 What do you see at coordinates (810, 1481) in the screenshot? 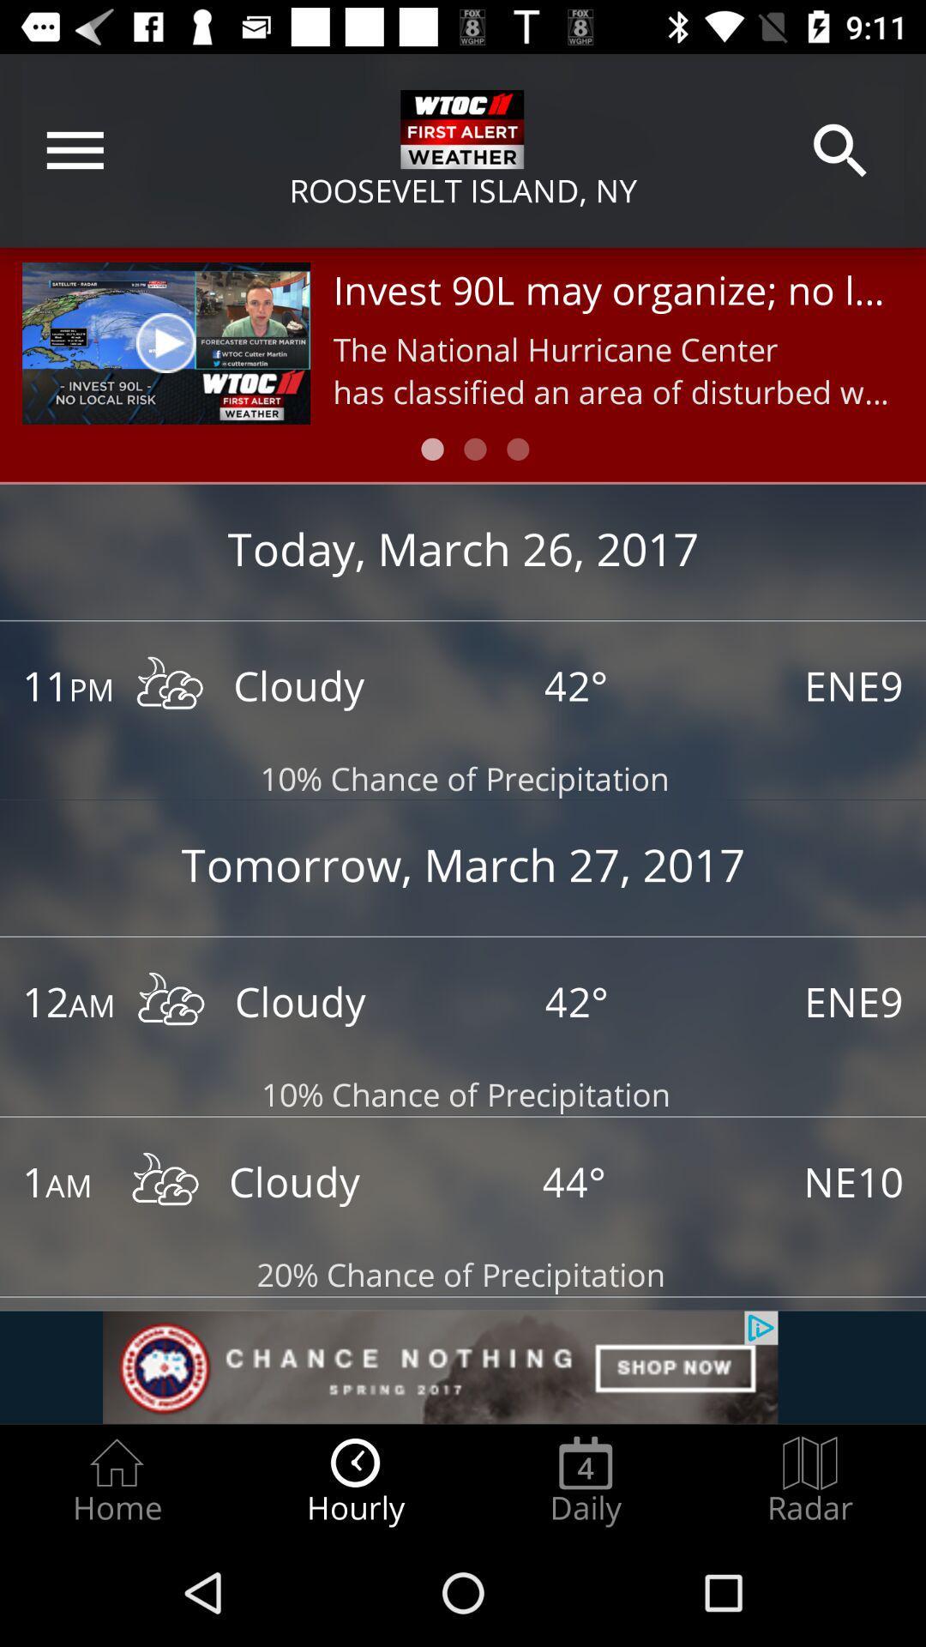
I see `icon next to daily item` at bounding box center [810, 1481].